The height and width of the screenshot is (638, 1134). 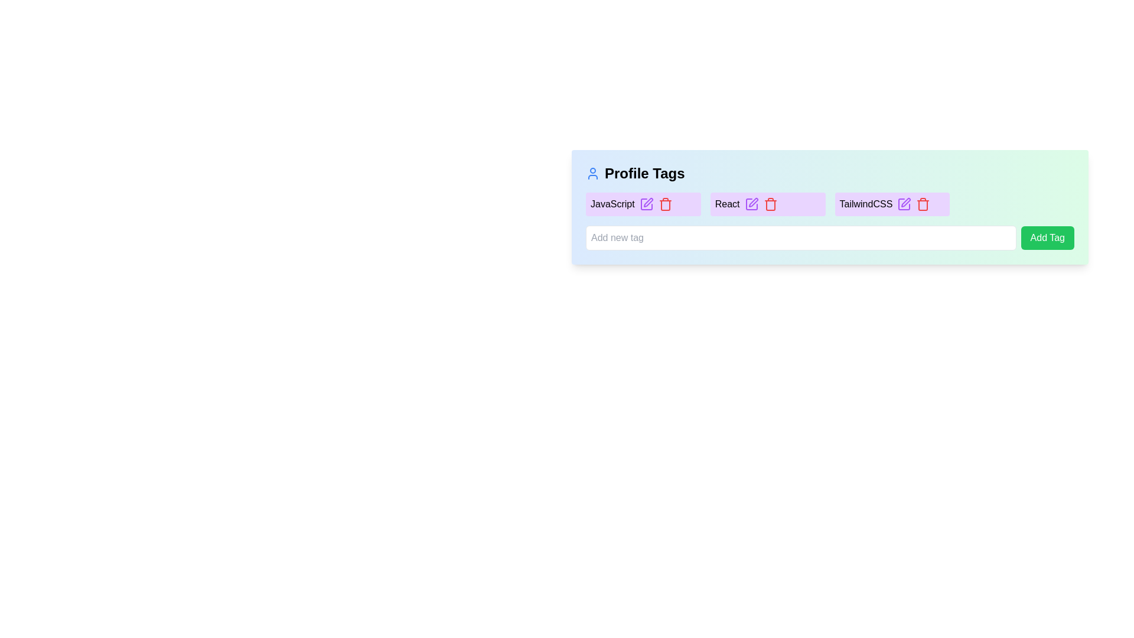 I want to click on the 'JavaScript' text label displayed within a purple rectangular area with rounded corners, positioned at the leftmost section of a row of similar elements under the header 'Profile Tags', so click(x=612, y=204).